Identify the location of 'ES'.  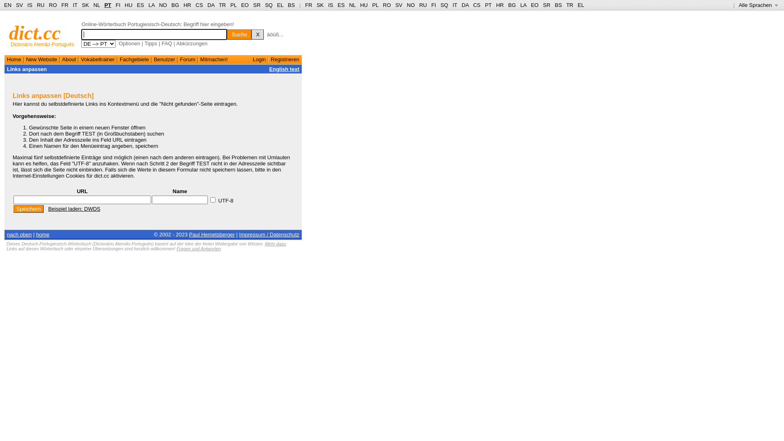
(140, 5).